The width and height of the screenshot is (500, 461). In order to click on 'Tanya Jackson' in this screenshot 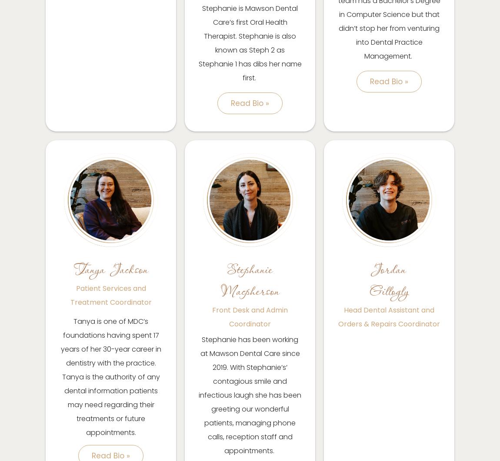, I will do `click(110, 269)`.